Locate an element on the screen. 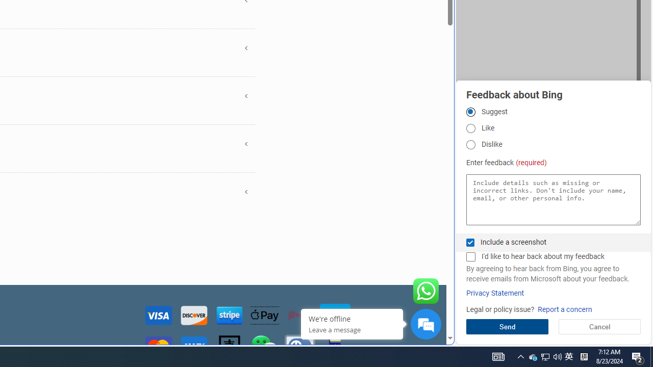  'Include a screenshot' is located at coordinates (470, 242).